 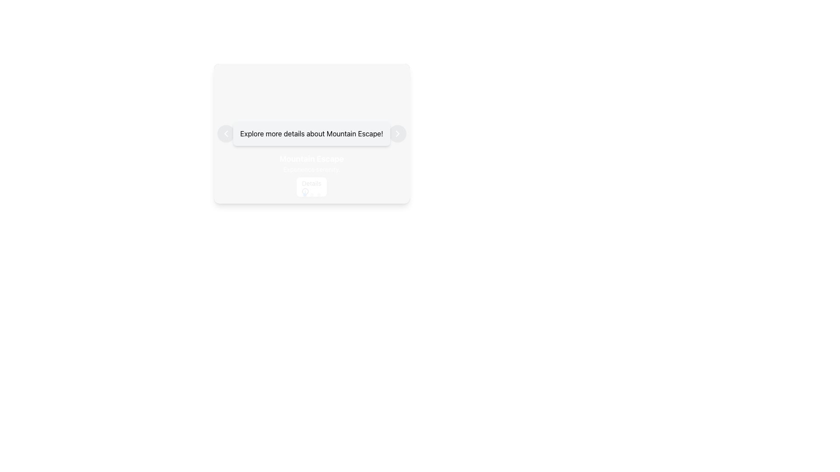 I want to click on the SVG navigation button located at the left end of the horizontally-aligned button group within the card, so click(x=226, y=133).